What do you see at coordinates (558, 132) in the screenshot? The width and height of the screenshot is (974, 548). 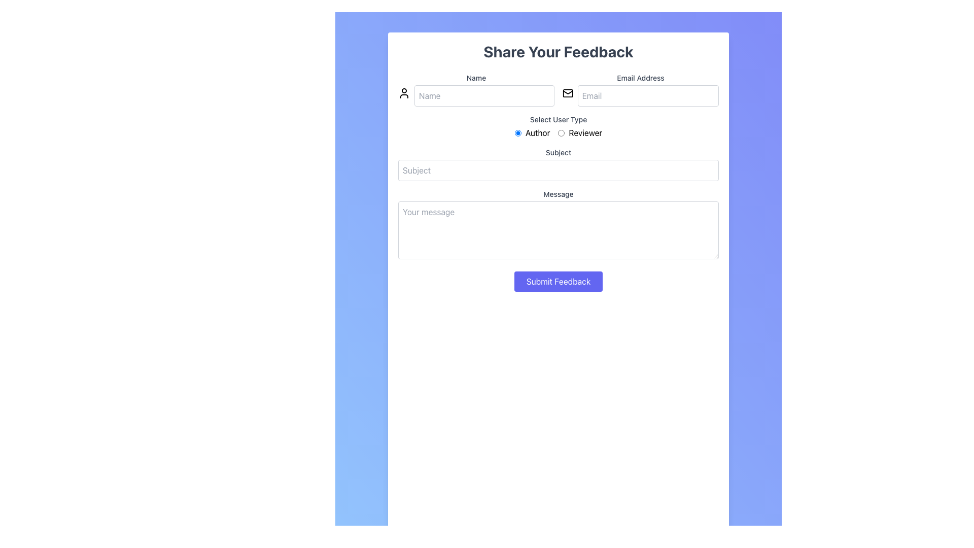 I see `the radio button in the 'Select User Type' section` at bounding box center [558, 132].